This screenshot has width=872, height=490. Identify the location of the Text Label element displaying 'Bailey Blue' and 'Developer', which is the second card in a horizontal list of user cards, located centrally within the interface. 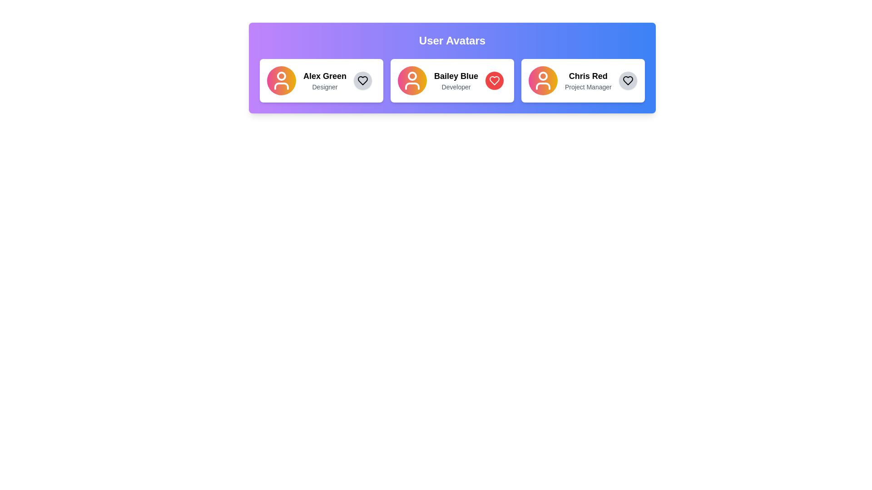
(456, 80).